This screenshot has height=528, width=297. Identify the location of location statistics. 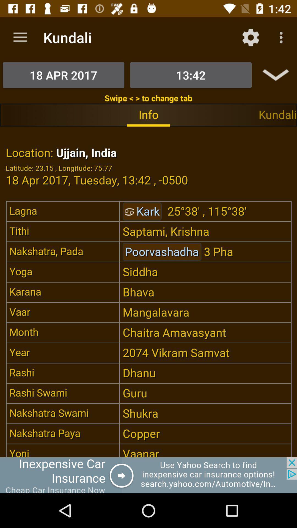
(148, 291).